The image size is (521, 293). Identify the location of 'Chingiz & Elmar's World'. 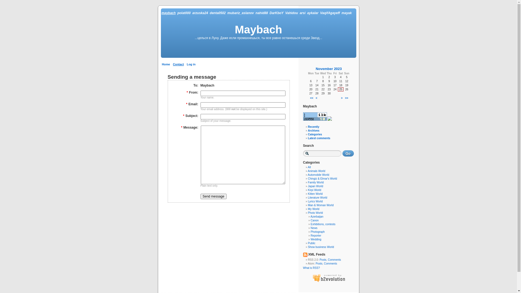
(308, 179).